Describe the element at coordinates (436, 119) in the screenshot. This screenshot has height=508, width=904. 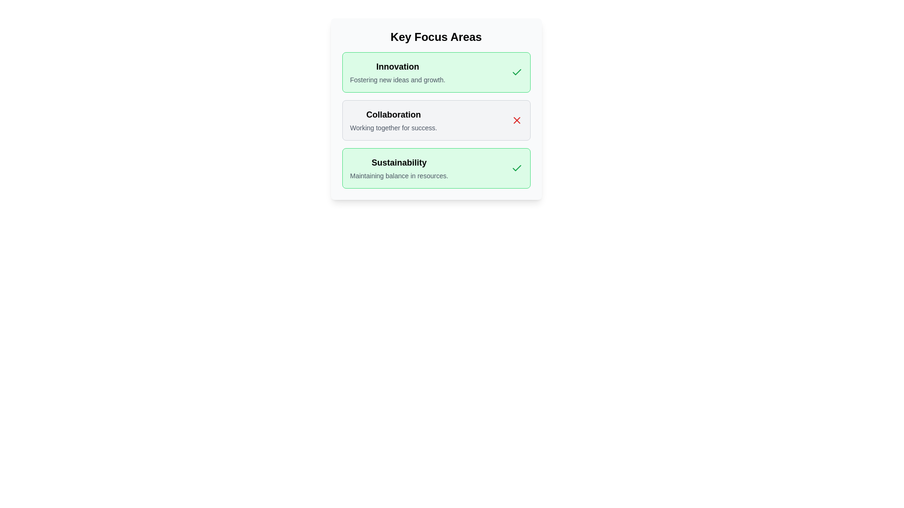
I see `the chip labeled Collaboration to observe the hover effect` at that location.